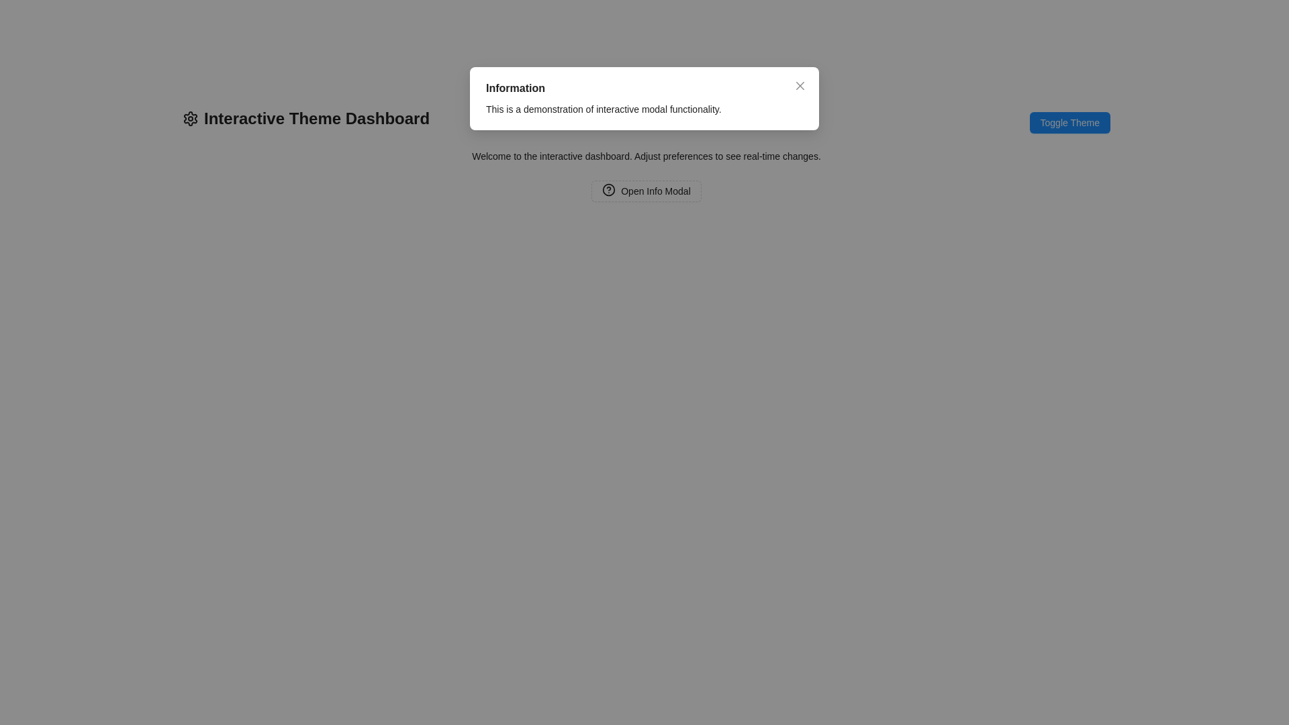 The width and height of the screenshot is (1289, 725). Describe the element at coordinates (1069, 122) in the screenshot. I see `the 'Toggle Theme' button located at the top-right section of the interface` at that location.